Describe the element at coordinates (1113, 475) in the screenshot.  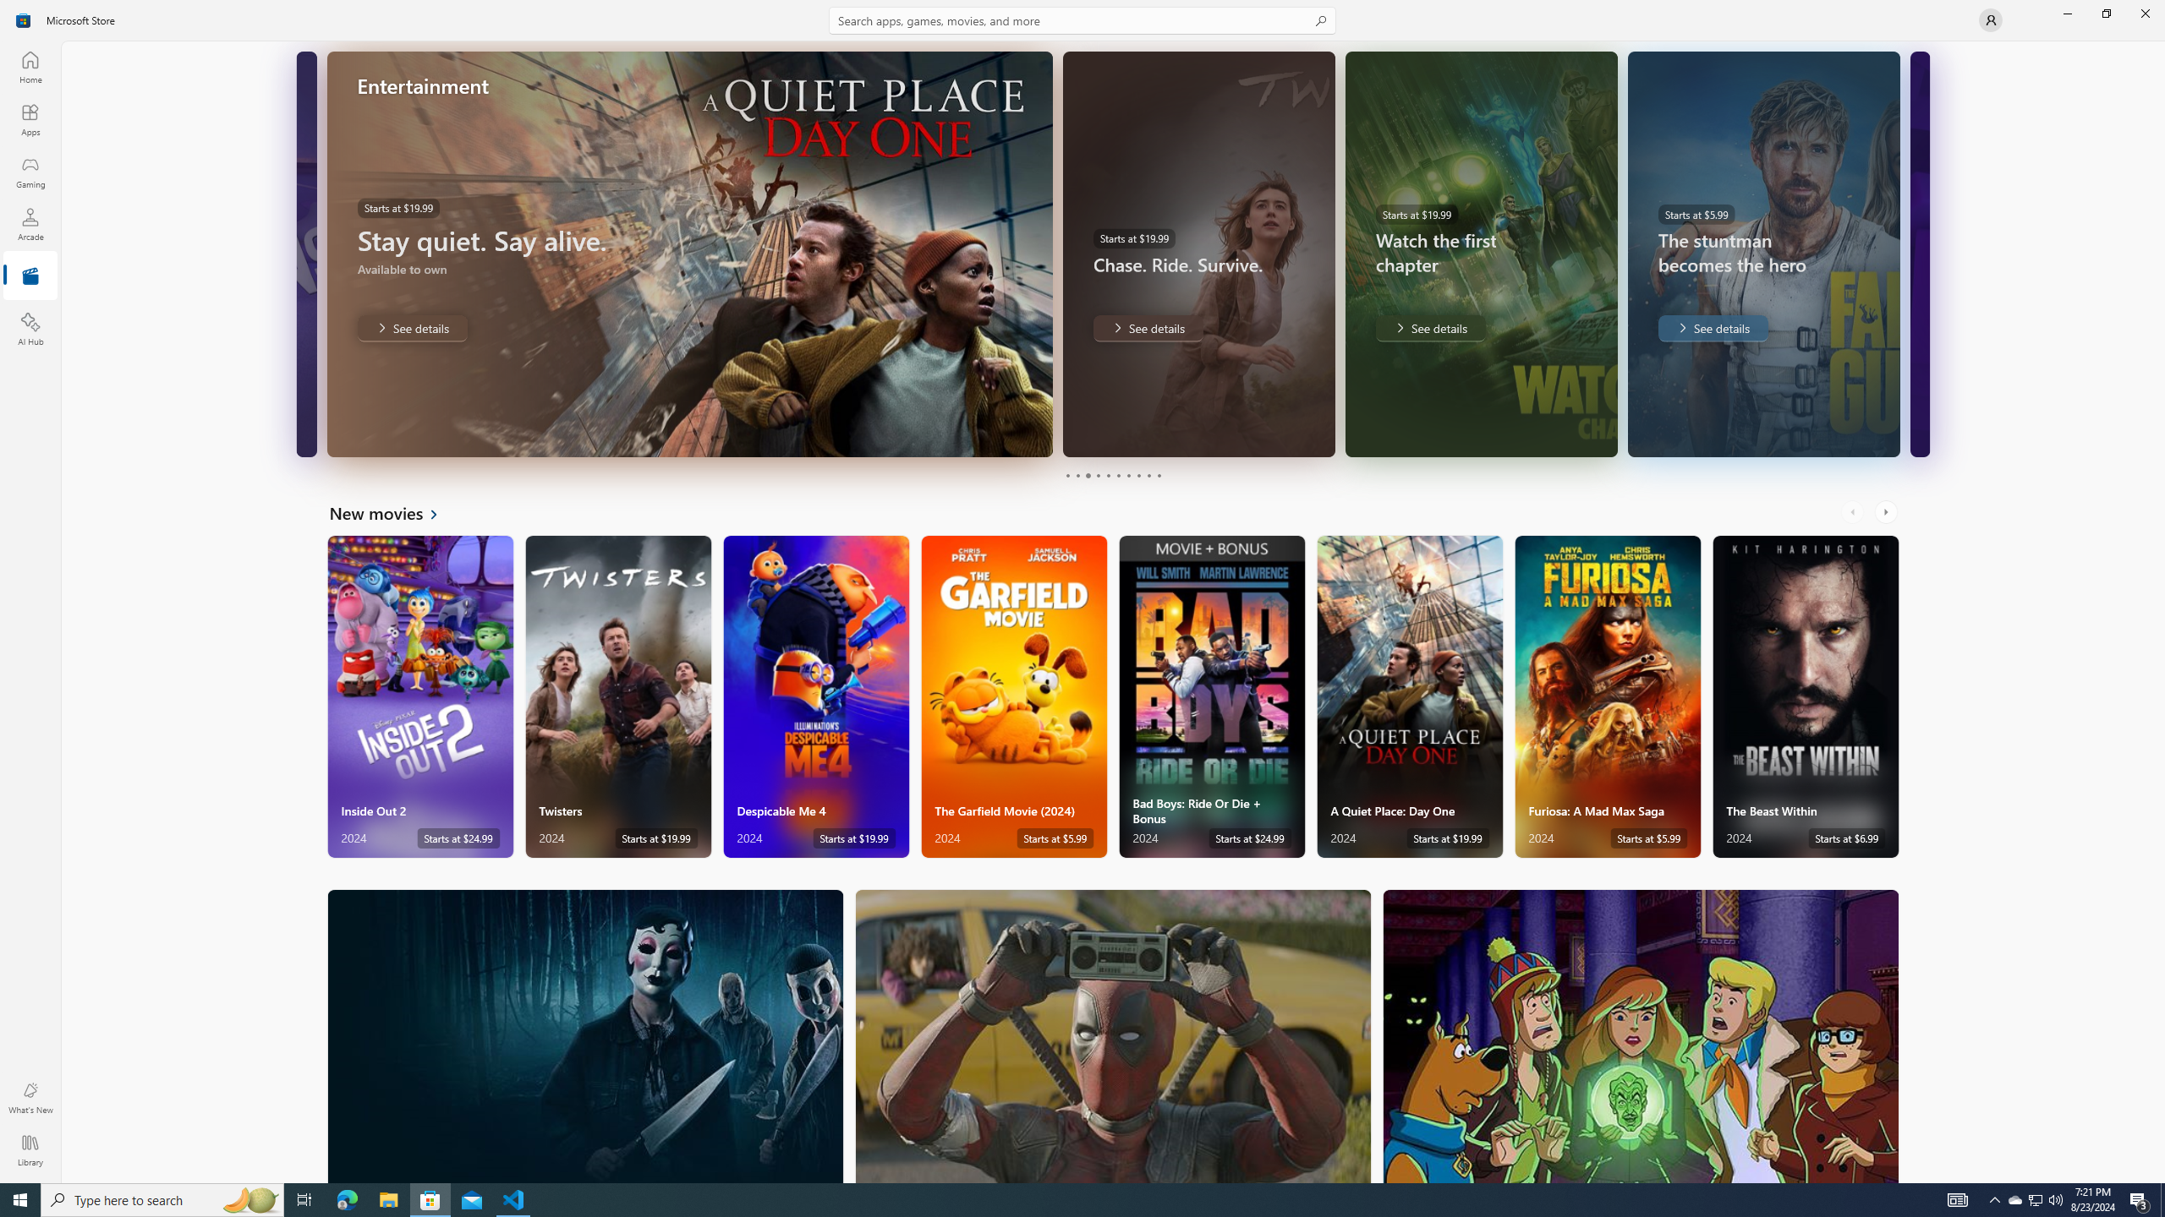
I see `'Pager'` at that location.